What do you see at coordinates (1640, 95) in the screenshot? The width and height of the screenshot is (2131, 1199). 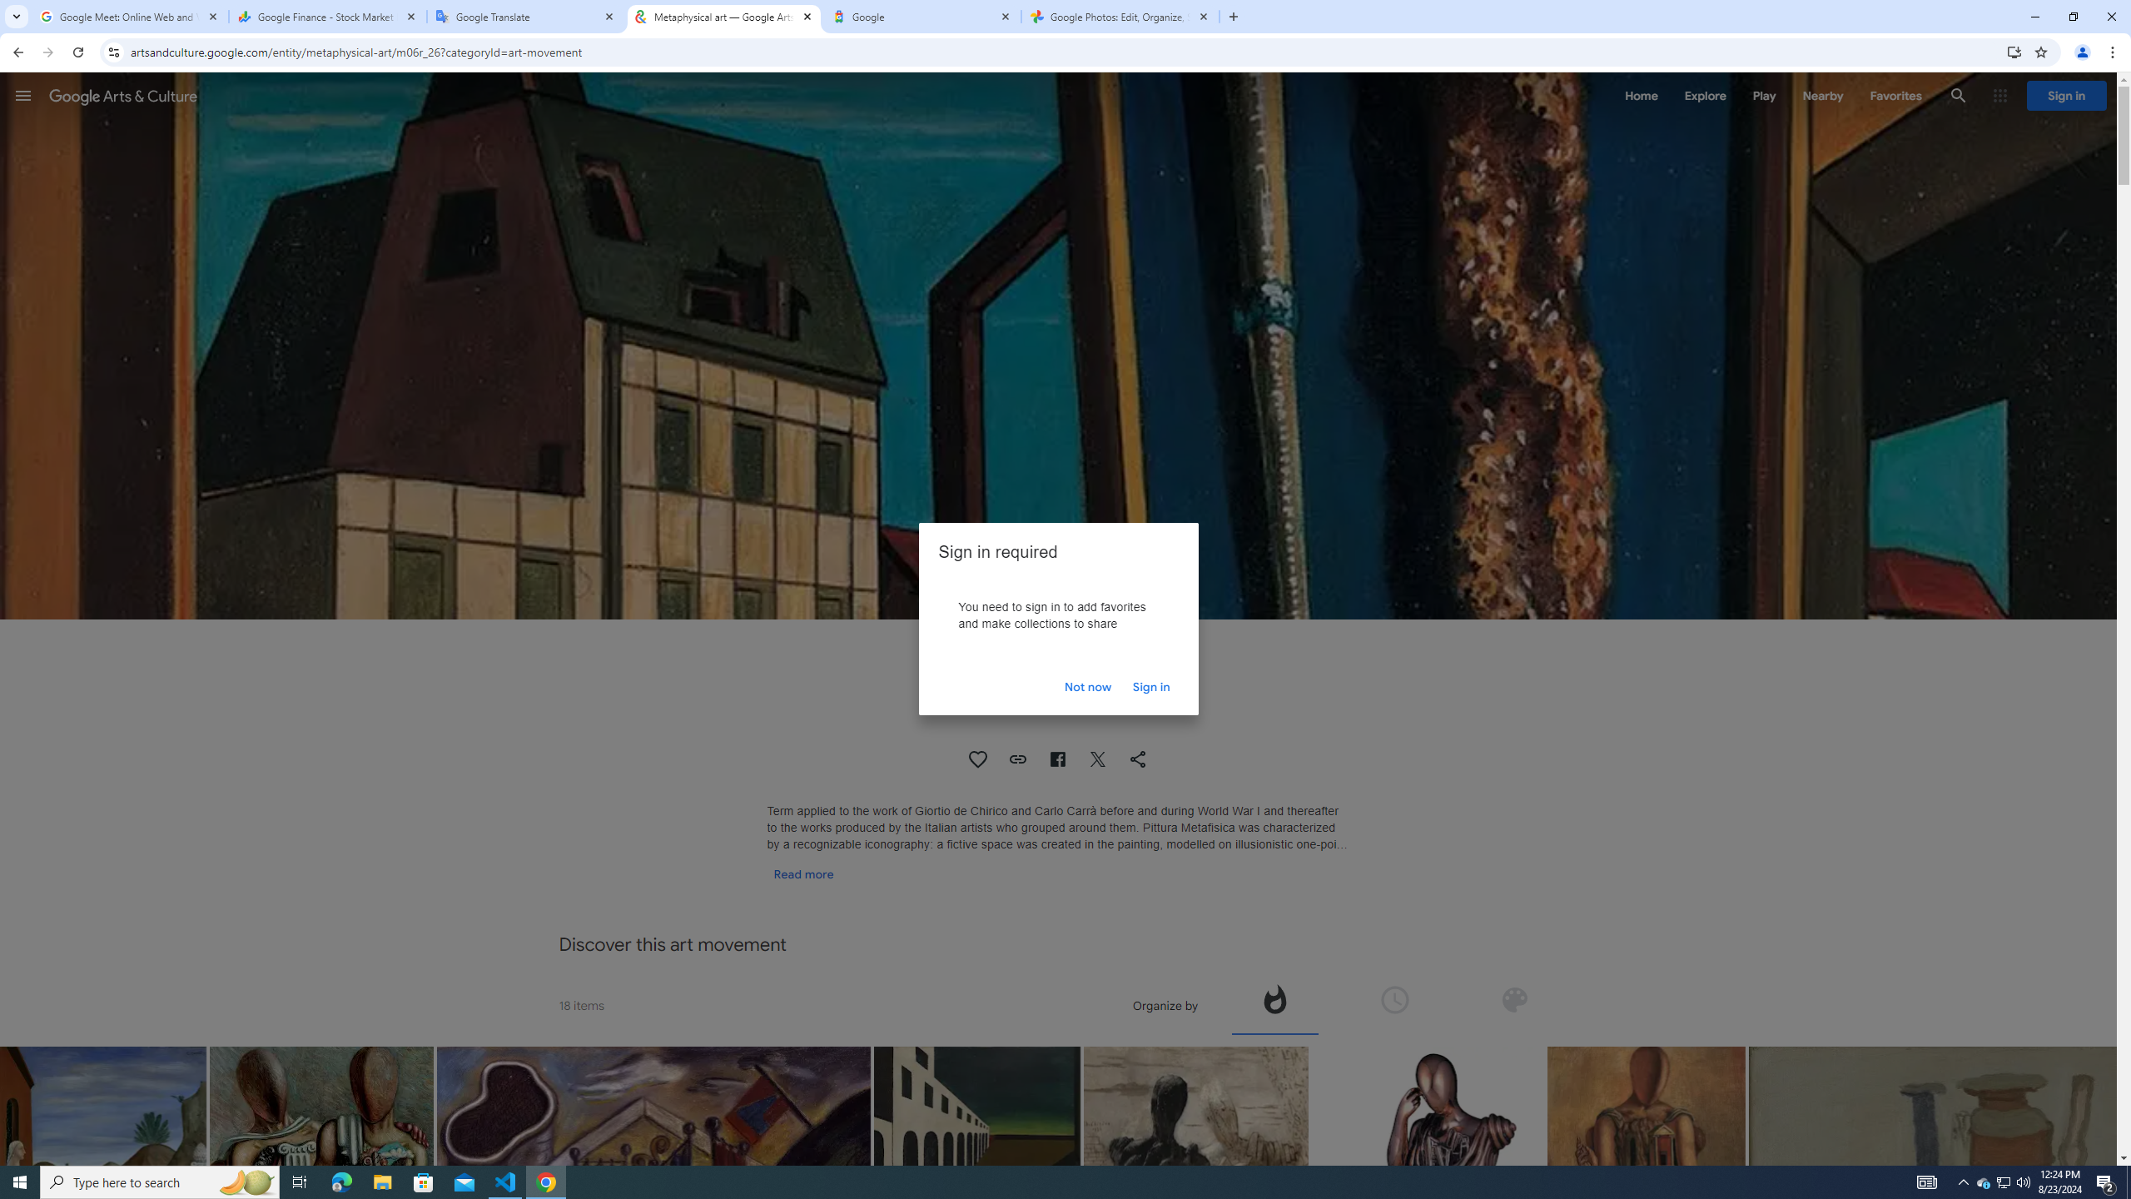 I see `'Home'` at bounding box center [1640, 95].